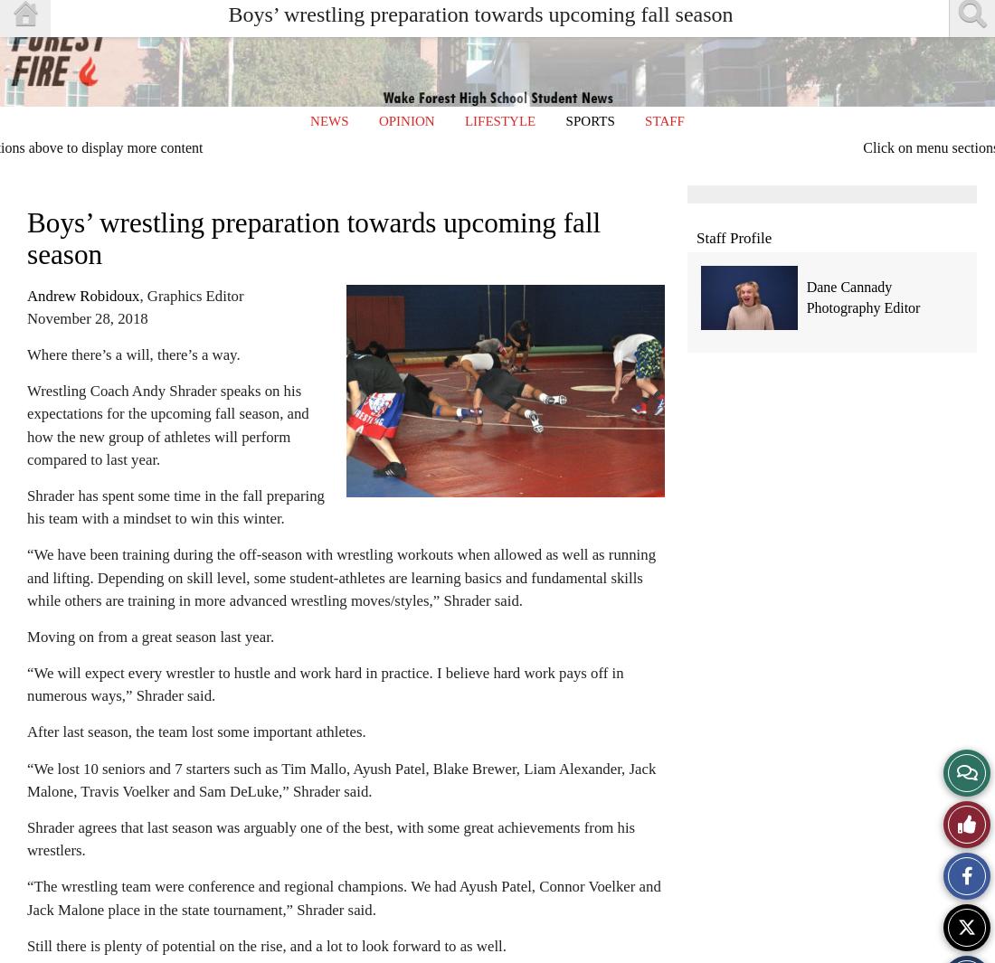  I want to click on '“We have been training during the off-season with wrestling workouts when allowed as well as running and lifting. Depending on skill level, some student-athletes are learning basics and fundamental skills while others are training in more advanced wrestling moves/styles,” Shrader said.', so click(341, 577).